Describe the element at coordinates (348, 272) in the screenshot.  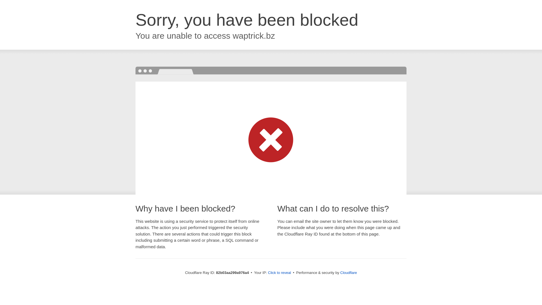
I see `'Cloudflare'` at that location.